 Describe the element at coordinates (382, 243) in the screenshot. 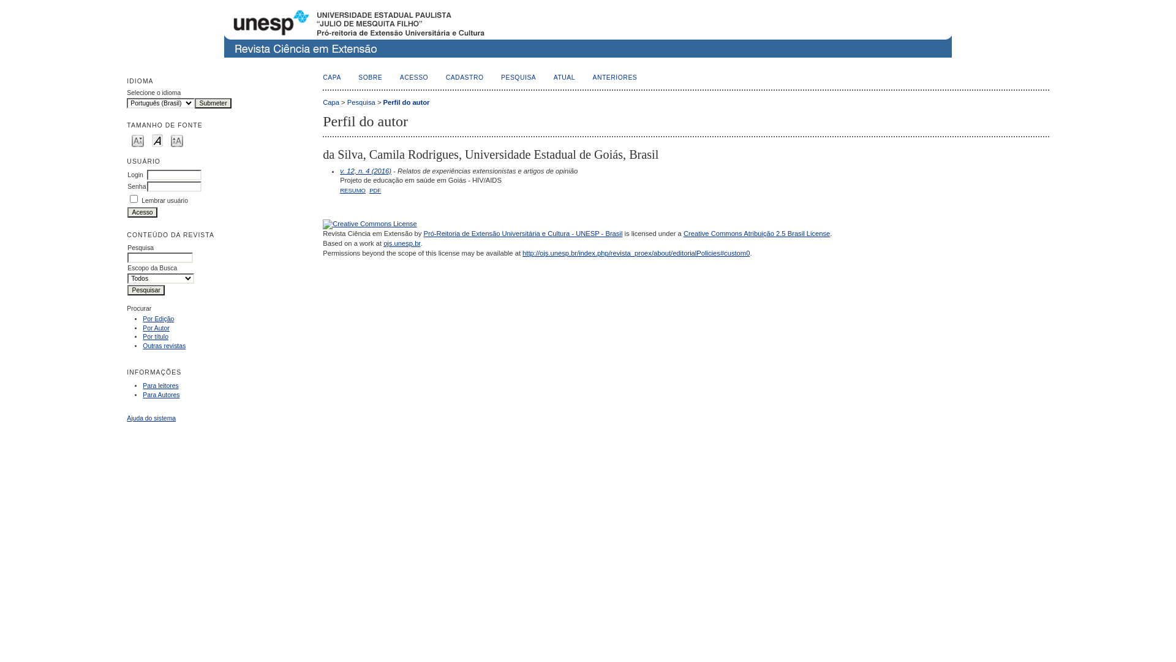

I see `'ojs.unesp.br'` at that location.